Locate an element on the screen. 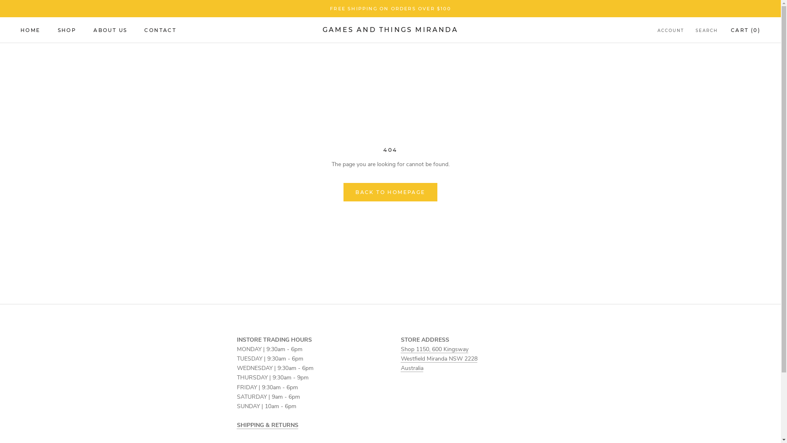 This screenshot has height=443, width=787. 'GAMES AND THINGS MIRANDA' is located at coordinates (390, 30).